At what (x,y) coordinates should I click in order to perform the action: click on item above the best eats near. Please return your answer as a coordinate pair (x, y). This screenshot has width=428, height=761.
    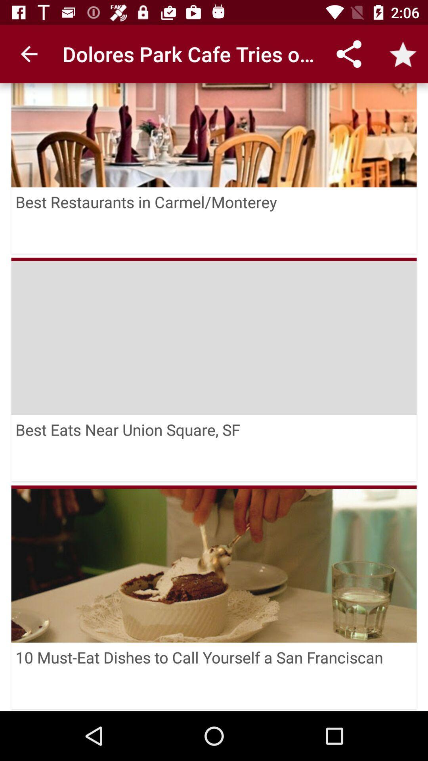
    Looking at the image, I should click on (214, 336).